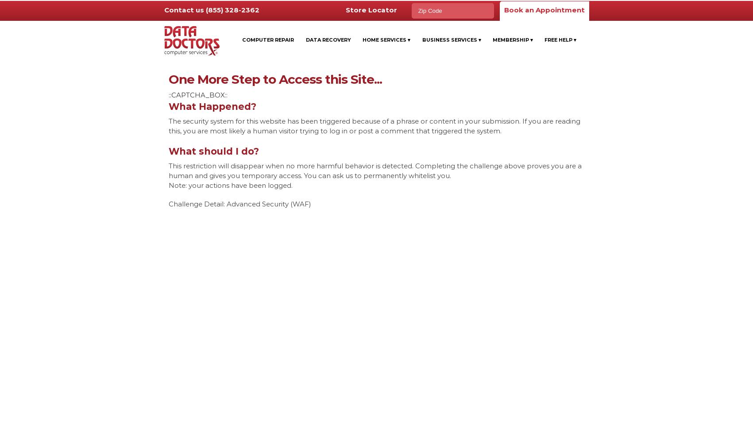 The width and height of the screenshot is (753, 443). What do you see at coordinates (213, 151) in the screenshot?
I see `'What should I do?'` at bounding box center [213, 151].